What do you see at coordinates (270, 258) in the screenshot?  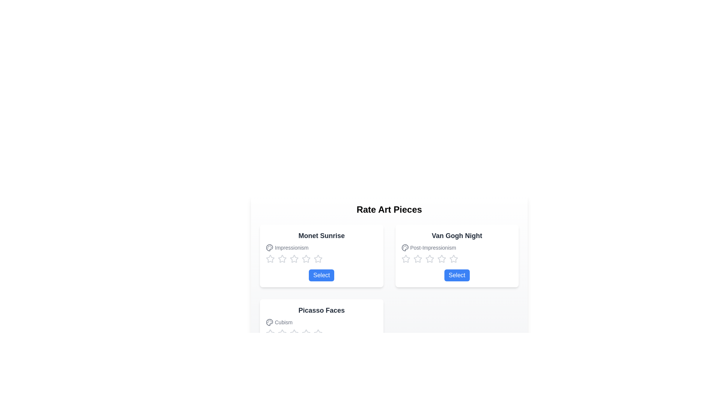 I see `the first star icon in the rating system for the artwork 'Monet Sunrise' to rate it` at bounding box center [270, 258].